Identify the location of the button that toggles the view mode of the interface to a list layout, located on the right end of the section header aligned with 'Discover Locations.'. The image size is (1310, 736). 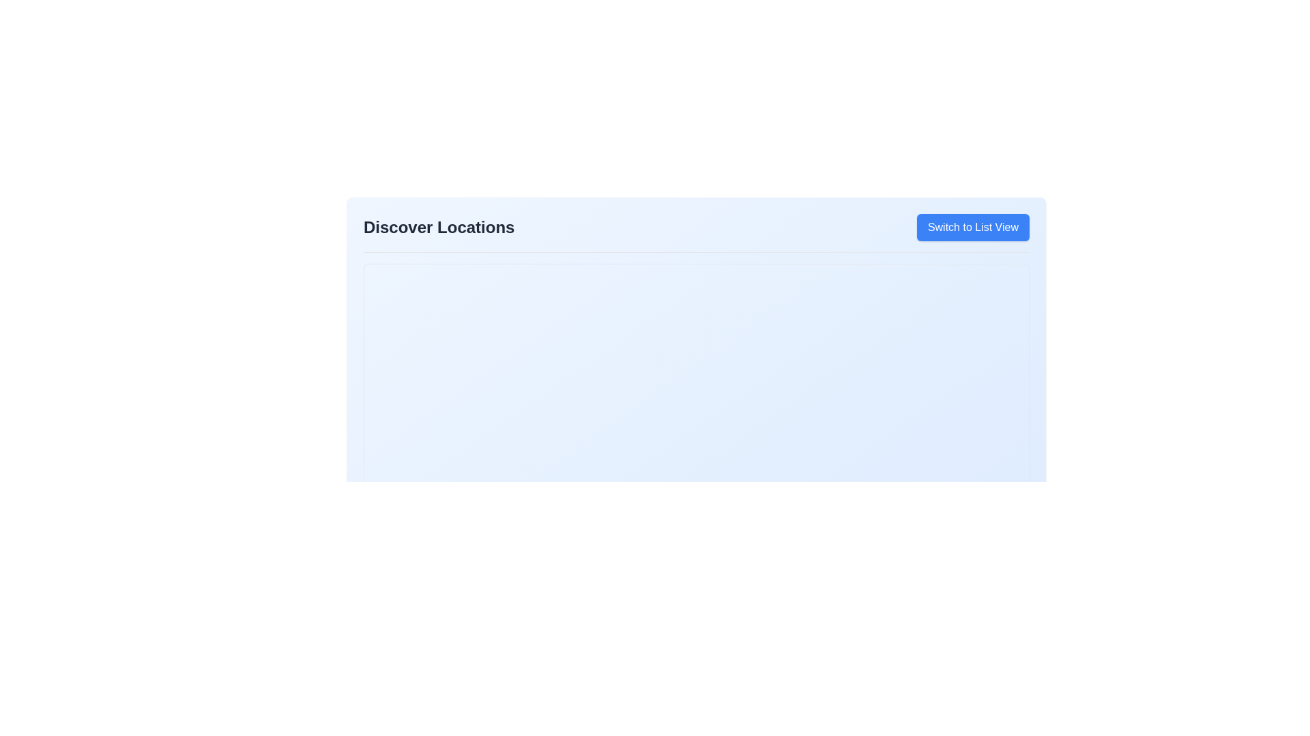
(972, 227).